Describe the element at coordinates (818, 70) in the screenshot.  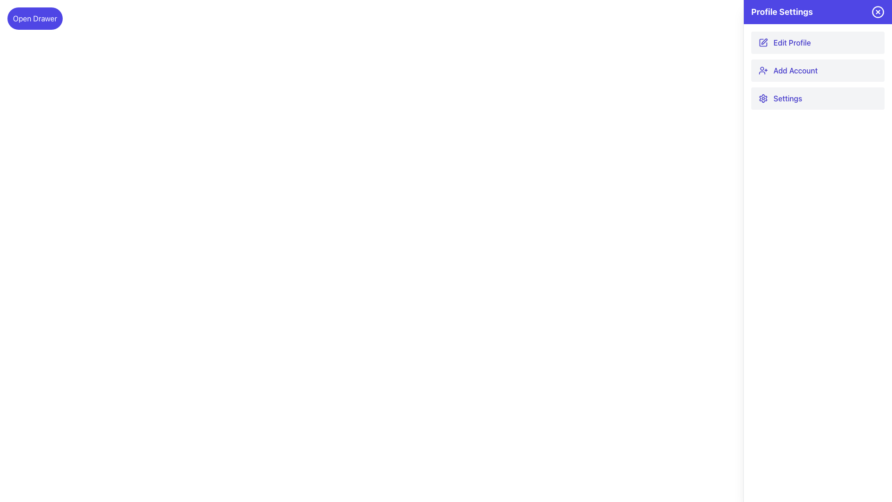
I see `the 'Add New Account' button located in the 'Profile Settings' panel, which is the second button in a vertical list` at that location.